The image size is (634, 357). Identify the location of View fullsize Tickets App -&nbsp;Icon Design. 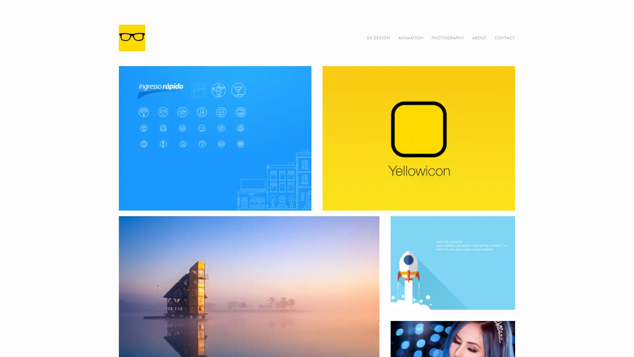
(215, 138).